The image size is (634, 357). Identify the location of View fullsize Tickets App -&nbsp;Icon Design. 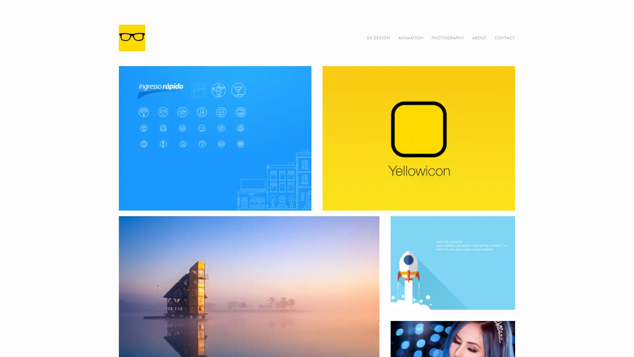
(215, 138).